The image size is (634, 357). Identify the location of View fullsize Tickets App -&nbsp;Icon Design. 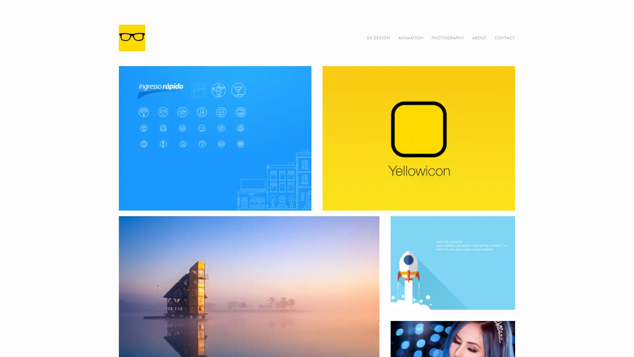
(215, 138).